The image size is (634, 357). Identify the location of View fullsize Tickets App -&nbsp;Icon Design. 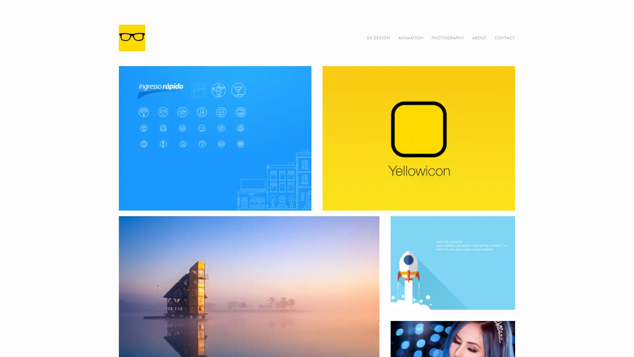
(215, 138).